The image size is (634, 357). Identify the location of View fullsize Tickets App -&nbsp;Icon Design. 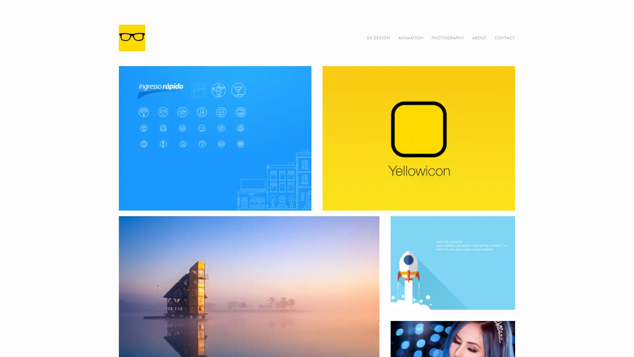
(215, 138).